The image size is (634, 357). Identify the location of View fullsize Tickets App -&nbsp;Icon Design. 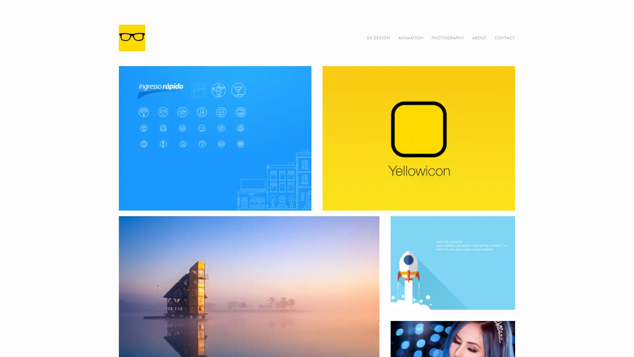
(215, 138).